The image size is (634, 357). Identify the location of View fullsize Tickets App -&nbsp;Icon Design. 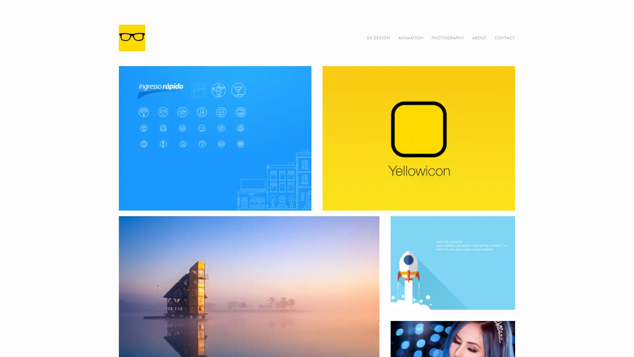
(215, 138).